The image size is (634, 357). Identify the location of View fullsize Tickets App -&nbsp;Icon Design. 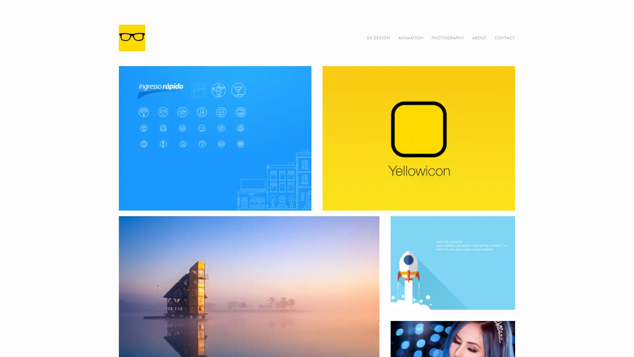
(215, 138).